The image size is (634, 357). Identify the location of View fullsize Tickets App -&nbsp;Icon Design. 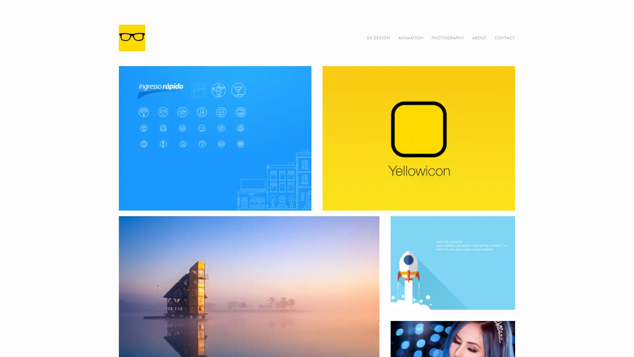
(215, 138).